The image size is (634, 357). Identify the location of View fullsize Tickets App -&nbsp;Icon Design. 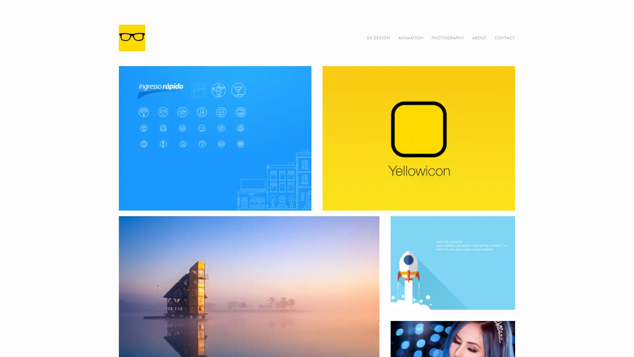
(215, 138).